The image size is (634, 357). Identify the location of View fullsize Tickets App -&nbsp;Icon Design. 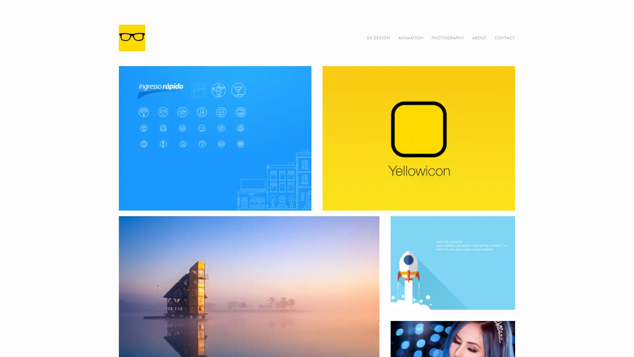
(215, 138).